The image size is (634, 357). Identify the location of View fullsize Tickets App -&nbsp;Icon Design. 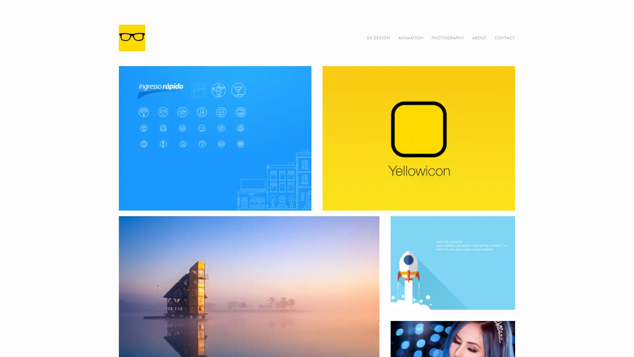
(215, 138).